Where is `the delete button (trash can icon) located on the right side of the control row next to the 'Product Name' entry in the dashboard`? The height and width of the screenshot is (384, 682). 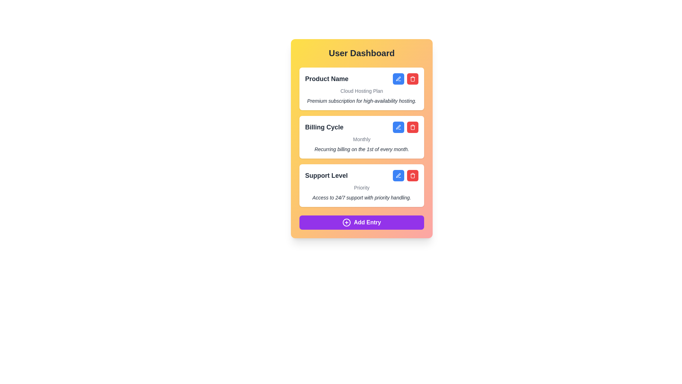 the delete button (trash can icon) located on the right side of the control row next to the 'Product Name' entry in the dashboard is located at coordinates (412, 79).